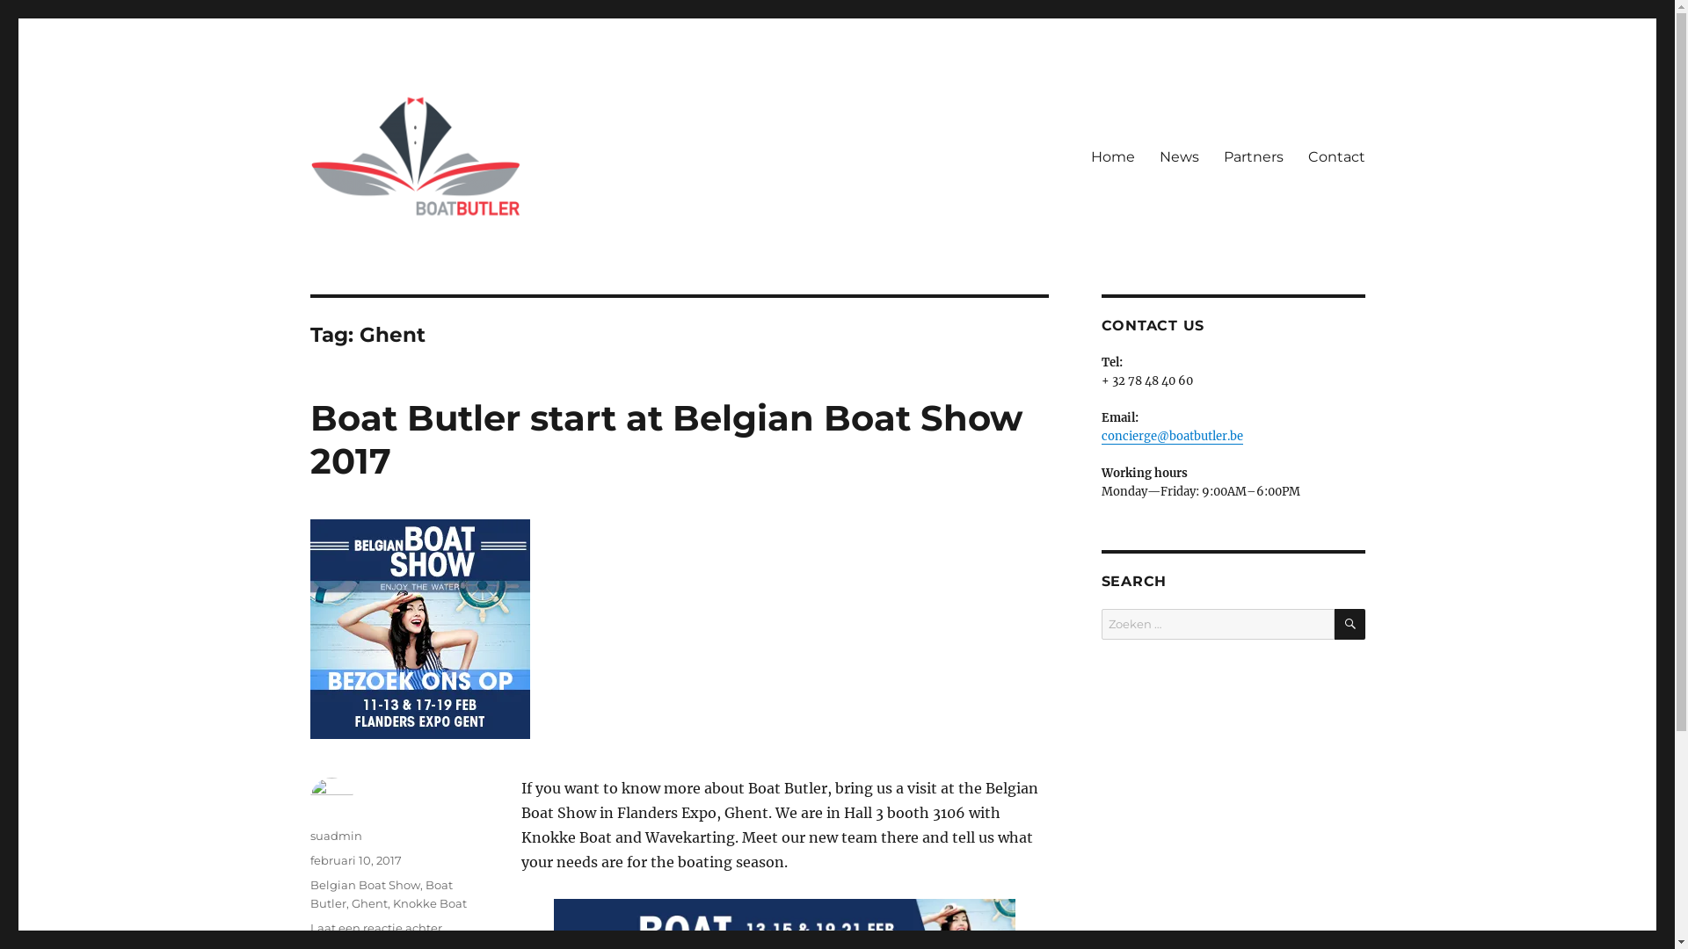 This screenshot has width=1688, height=949. What do you see at coordinates (1171, 435) in the screenshot?
I see `'concierge@boatbutler.be'` at bounding box center [1171, 435].